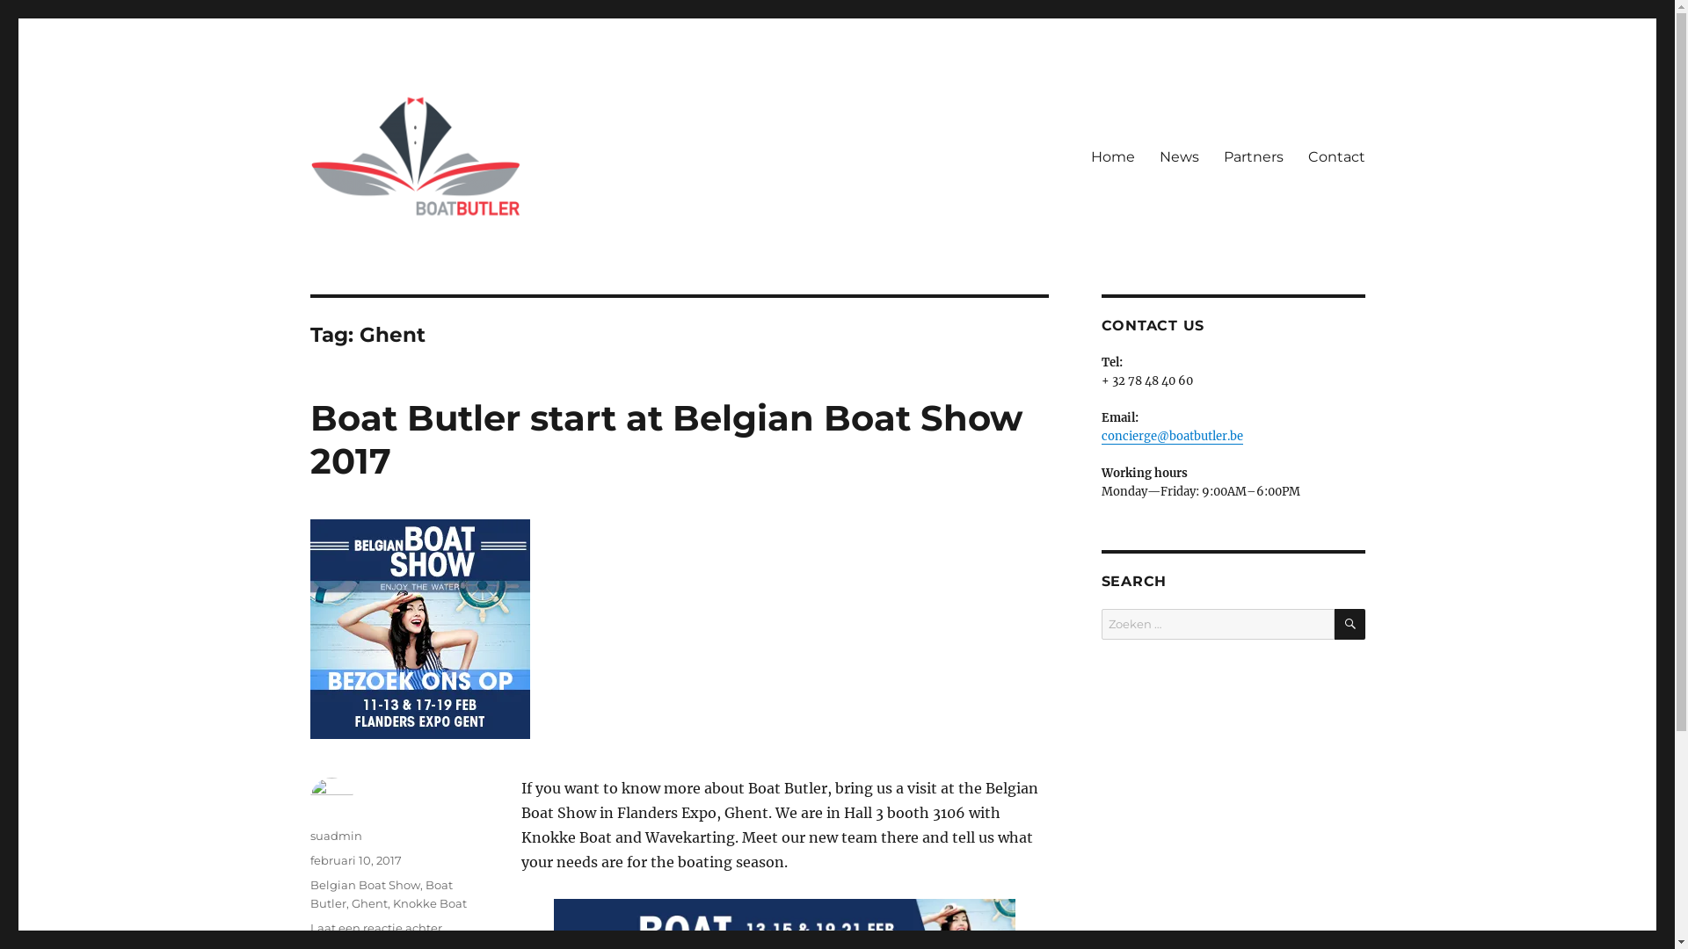 This screenshot has width=1688, height=949. What do you see at coordinates (1171, 435) in the screenshot?
I see `'concierge@boatbutler.be'` at bounding box center [1171, 435].